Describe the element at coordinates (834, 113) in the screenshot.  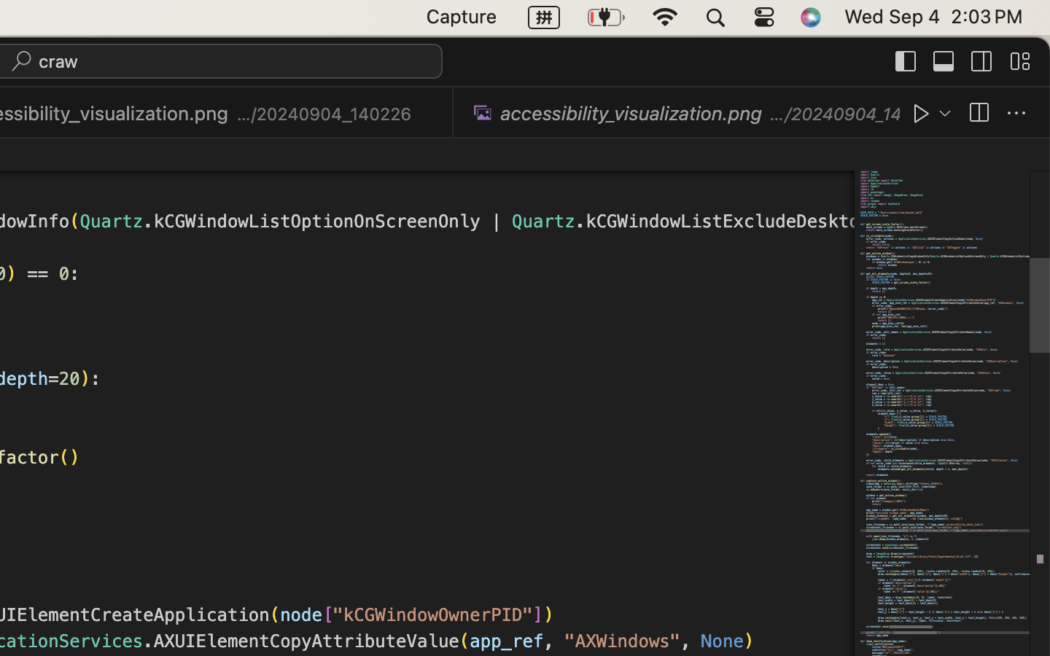
I see `'…/20240904_140044'` at that location.